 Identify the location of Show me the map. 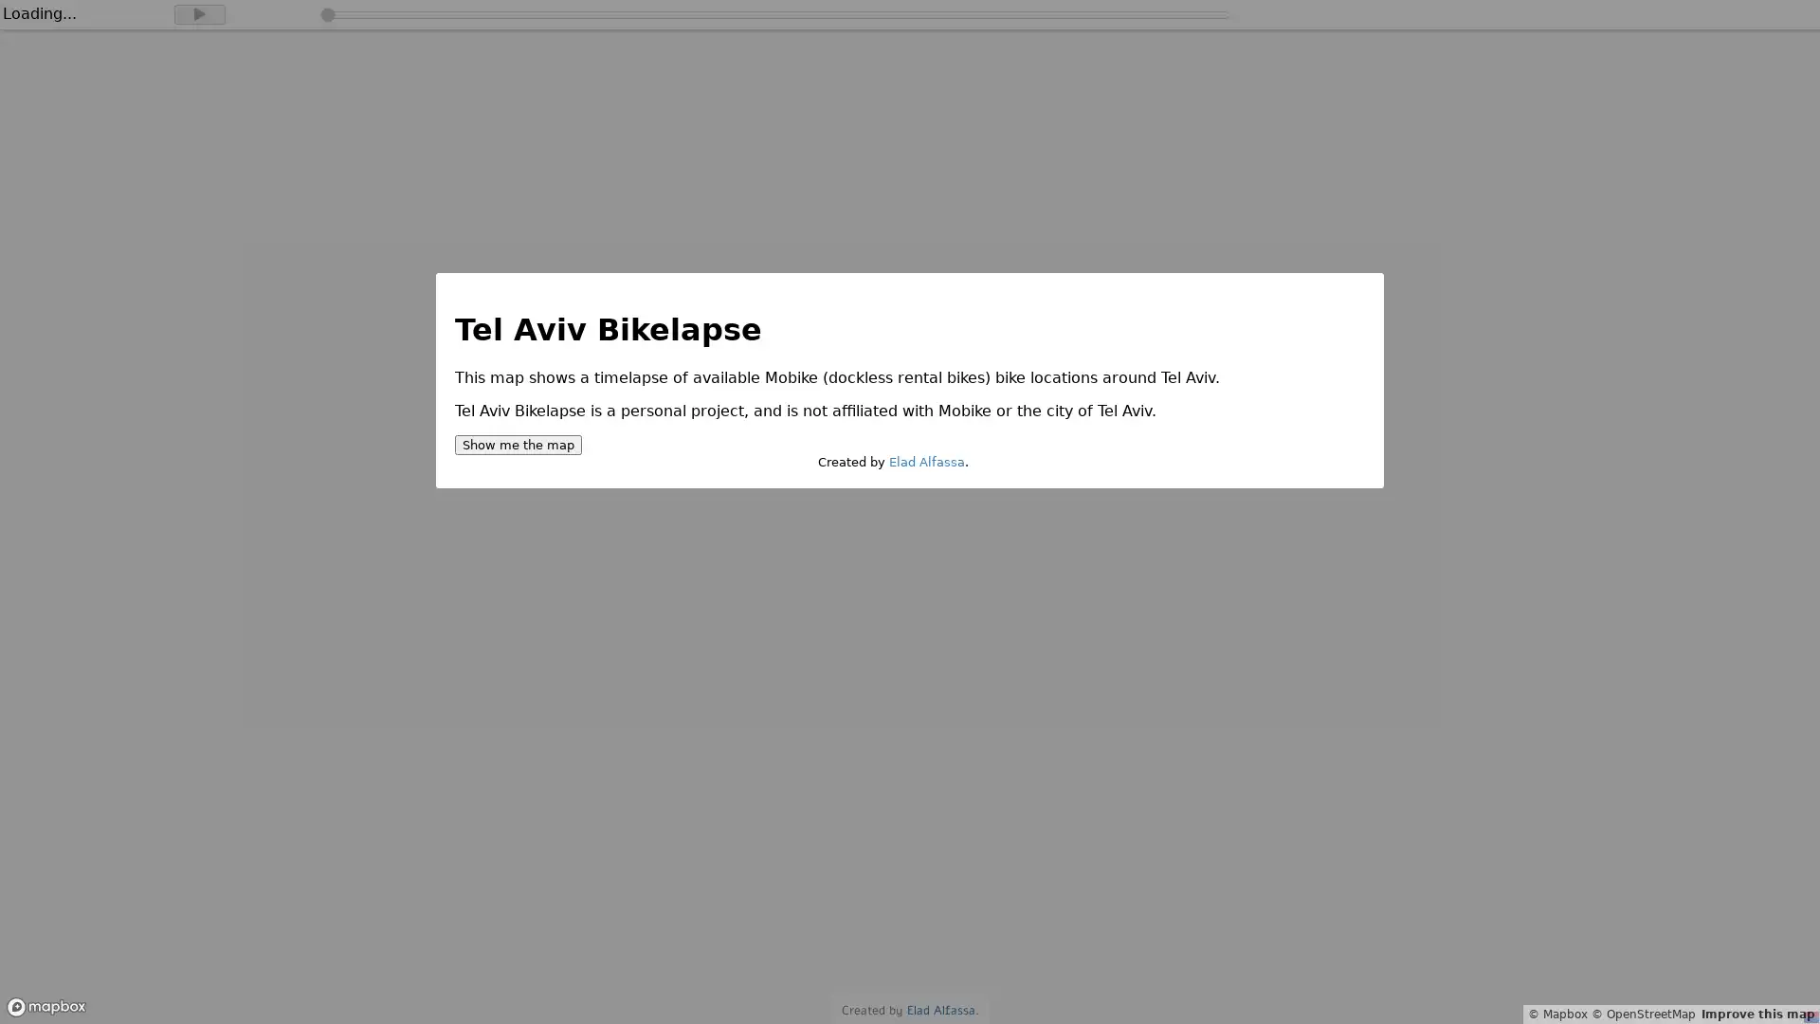
(519, 444).